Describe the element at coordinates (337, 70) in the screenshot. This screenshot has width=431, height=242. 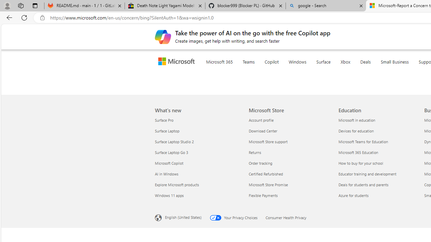
I see `'Surface'` at that location.